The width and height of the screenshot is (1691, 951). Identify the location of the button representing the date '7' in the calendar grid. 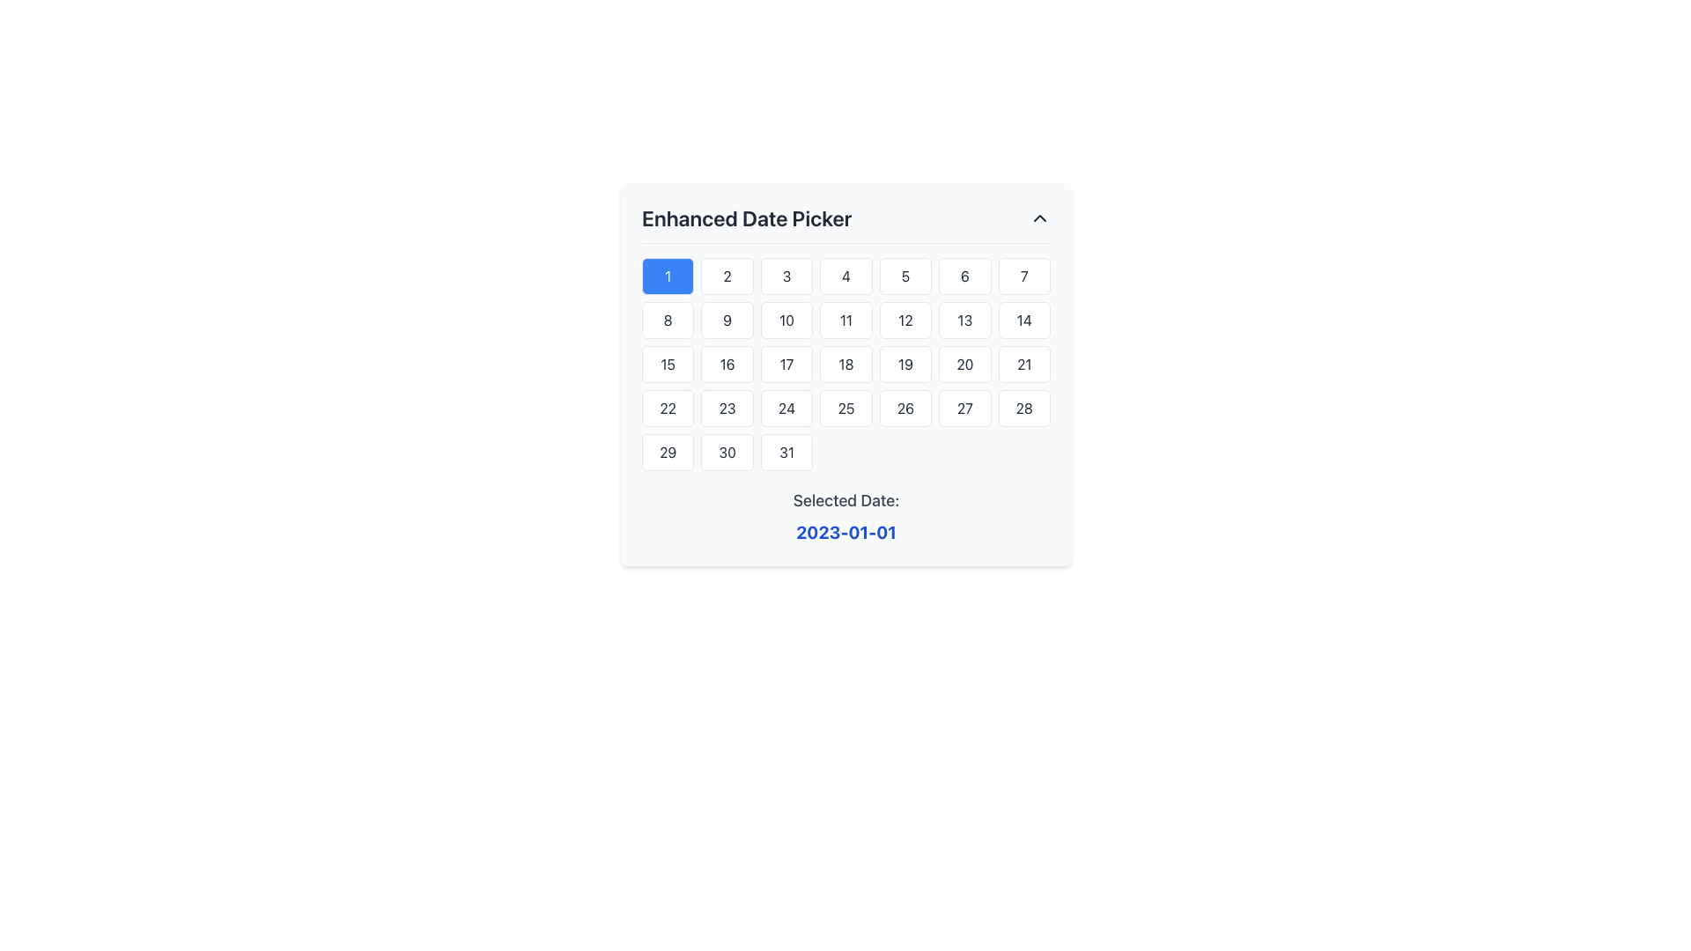
(1024, 276).